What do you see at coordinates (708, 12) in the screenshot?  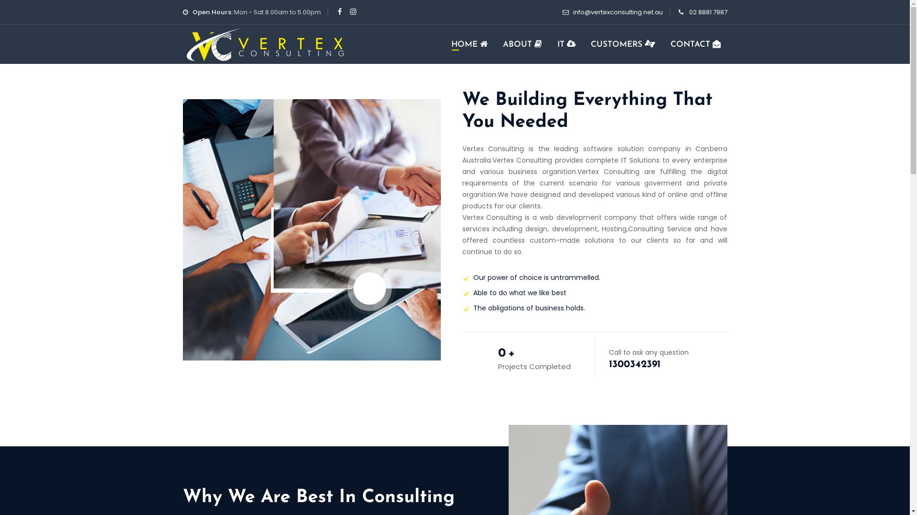 I see `'02 8881 7987'` at bounding box center [708, 12].